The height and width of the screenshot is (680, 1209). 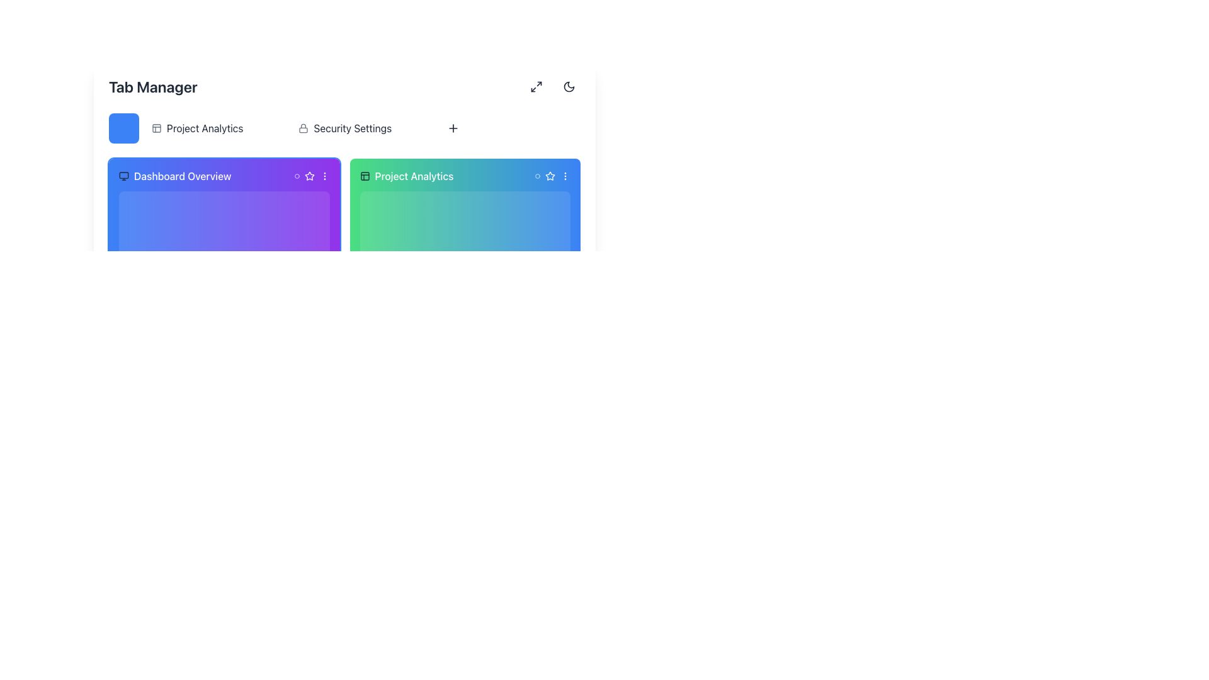 What do you see at coordinates (464, 176) in the screenshot?
I see `the styling of the header bar titled 'Project Analytics' located in the second column of the grid, which serves as a descriptive title for its section` at bounding box center [464, 176].